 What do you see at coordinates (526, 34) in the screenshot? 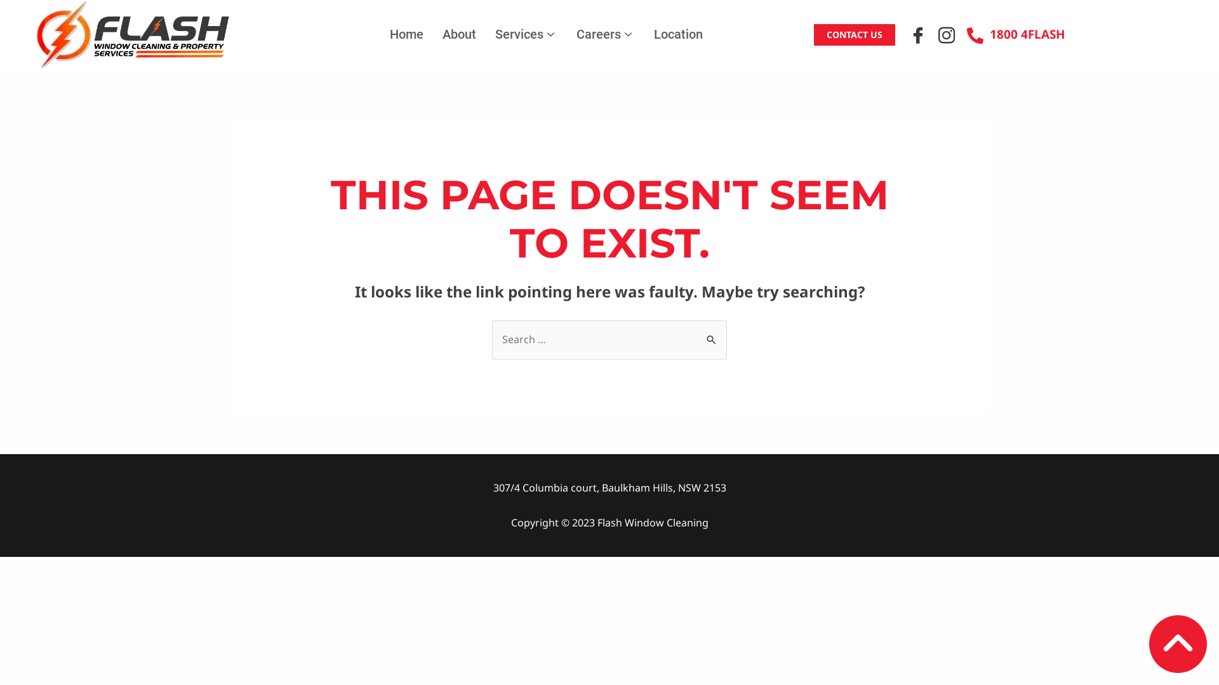
I see `'Services'` at bounding box center [526, 34].